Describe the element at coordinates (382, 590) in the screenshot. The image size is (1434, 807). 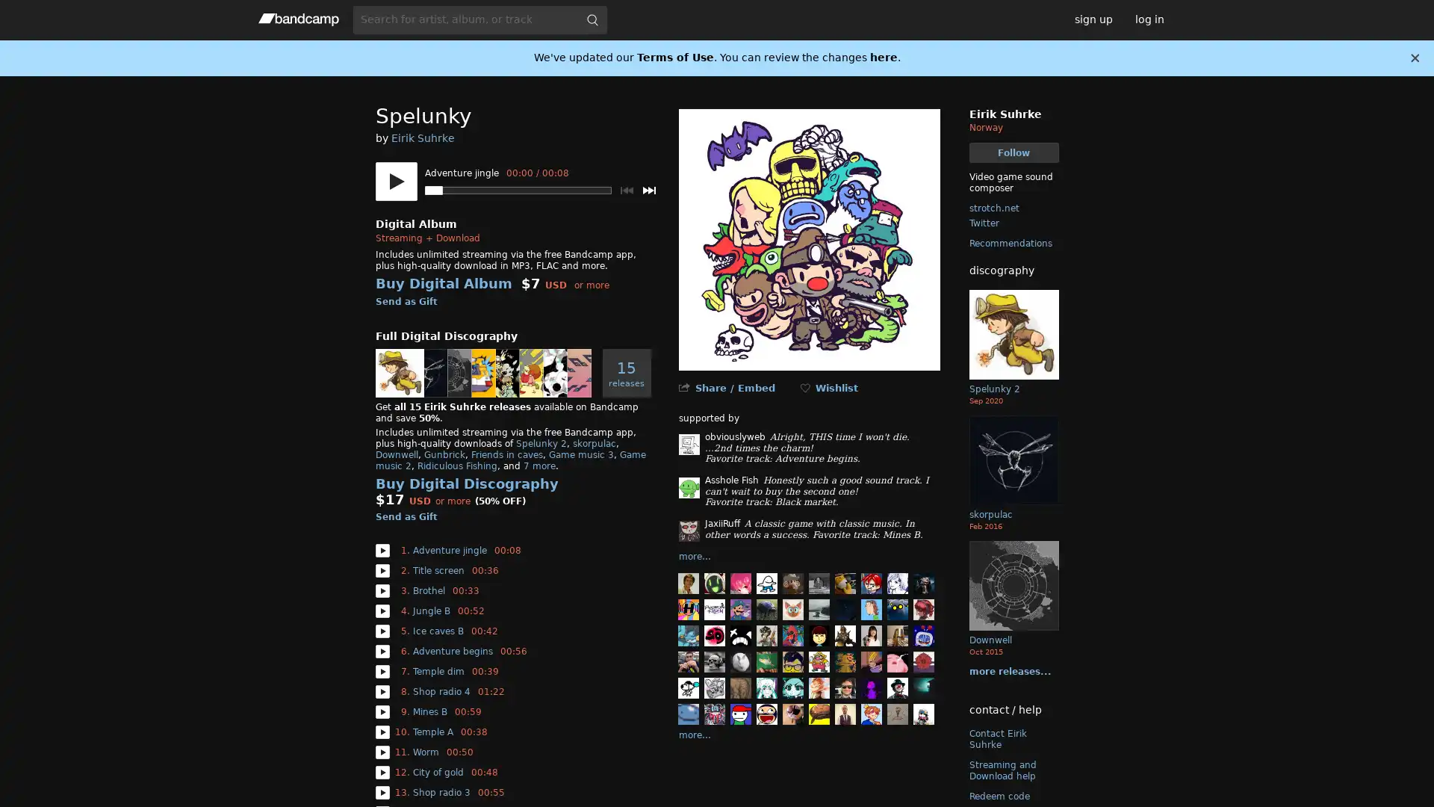
I see `Play Brothel` at that location.